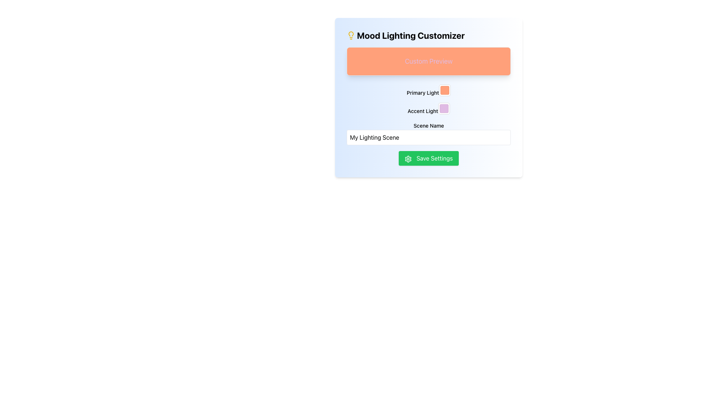  I want to click on label associated with the purple color block in the 'Mood Lighting Customizer' interface, which is the second row option under the 'Primary Light' section, so click(429, 109).